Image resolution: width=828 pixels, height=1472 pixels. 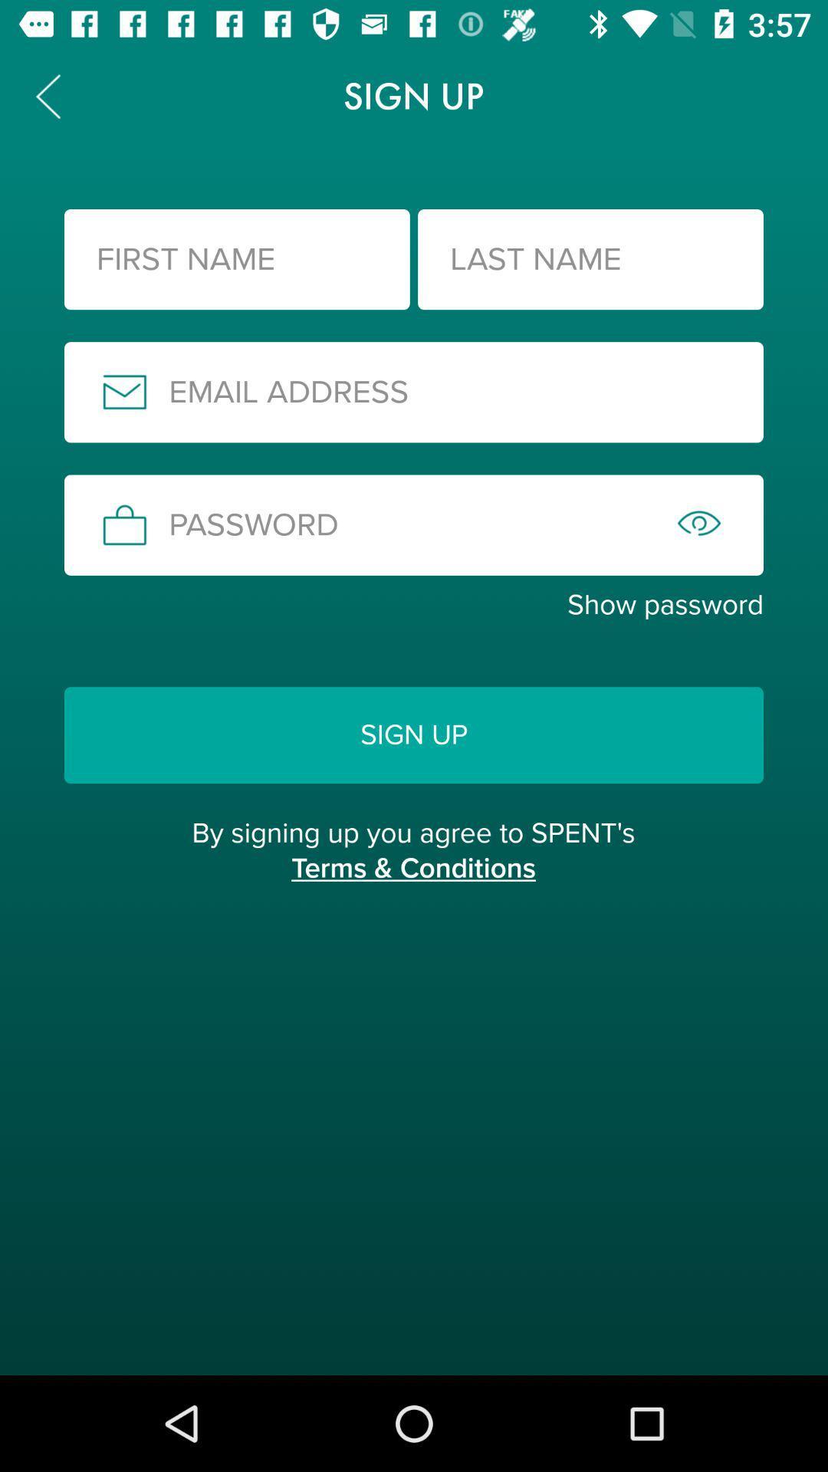 I want to click on the arrow_backward icon, so click(x=47, y=95).